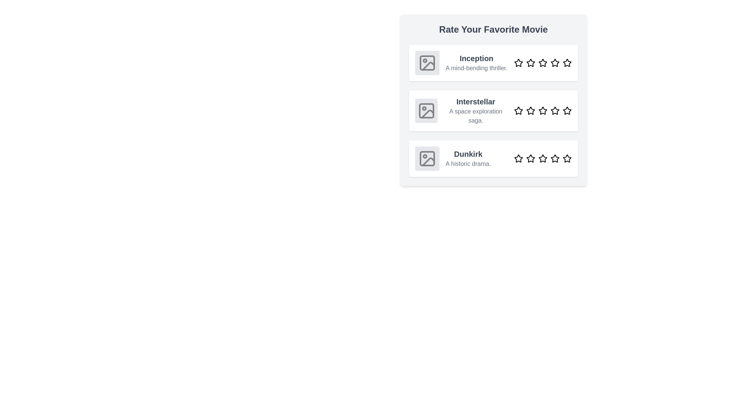  What do you see at coordinates (567, 62) in the screenshot?
I see `the fifth star rating icon for the 'Inception' movie` at bounding box center [567, 62].